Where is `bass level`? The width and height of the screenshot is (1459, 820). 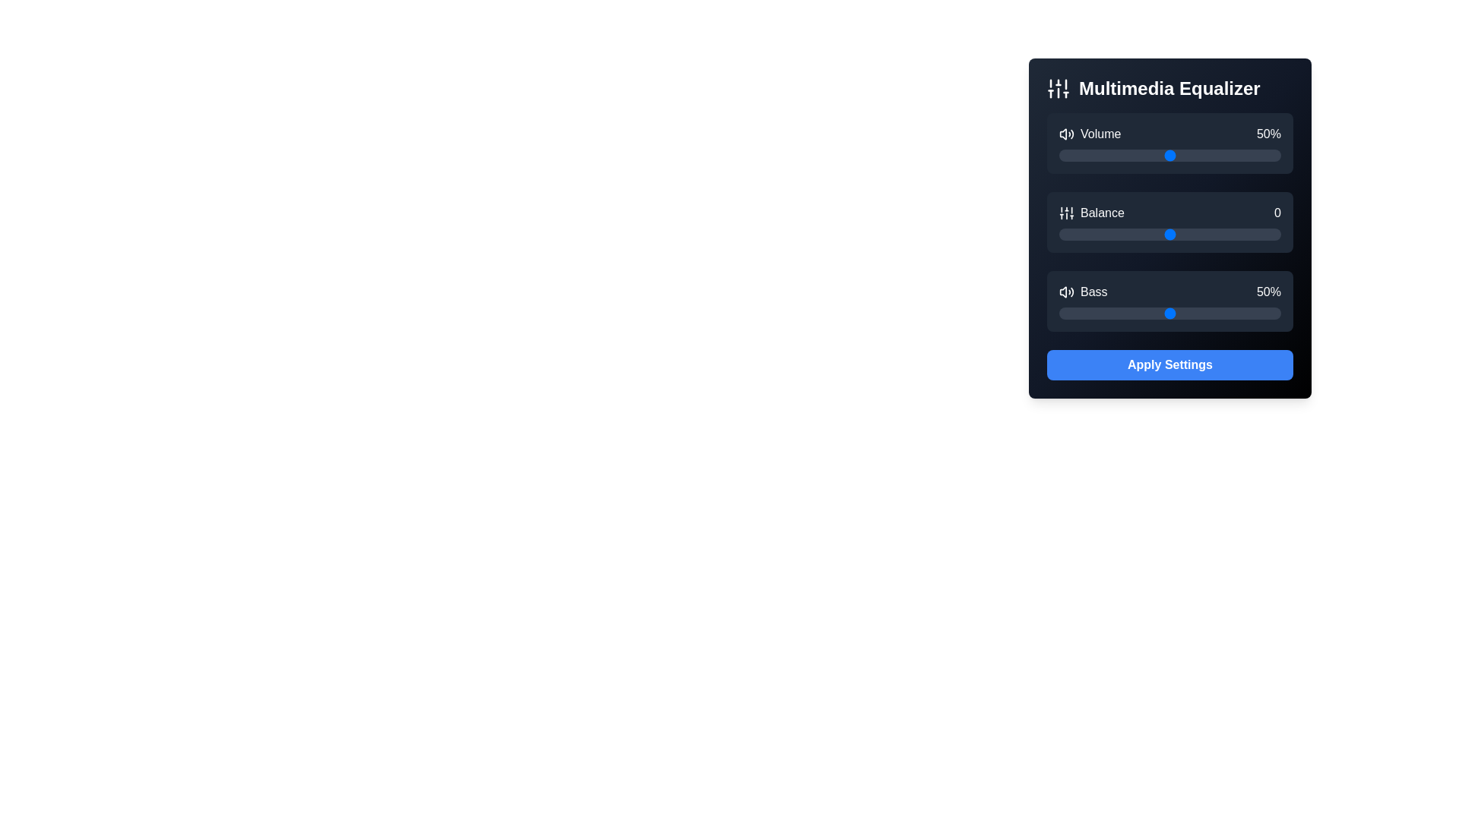 bass level is located at coordinates (1204, 312).